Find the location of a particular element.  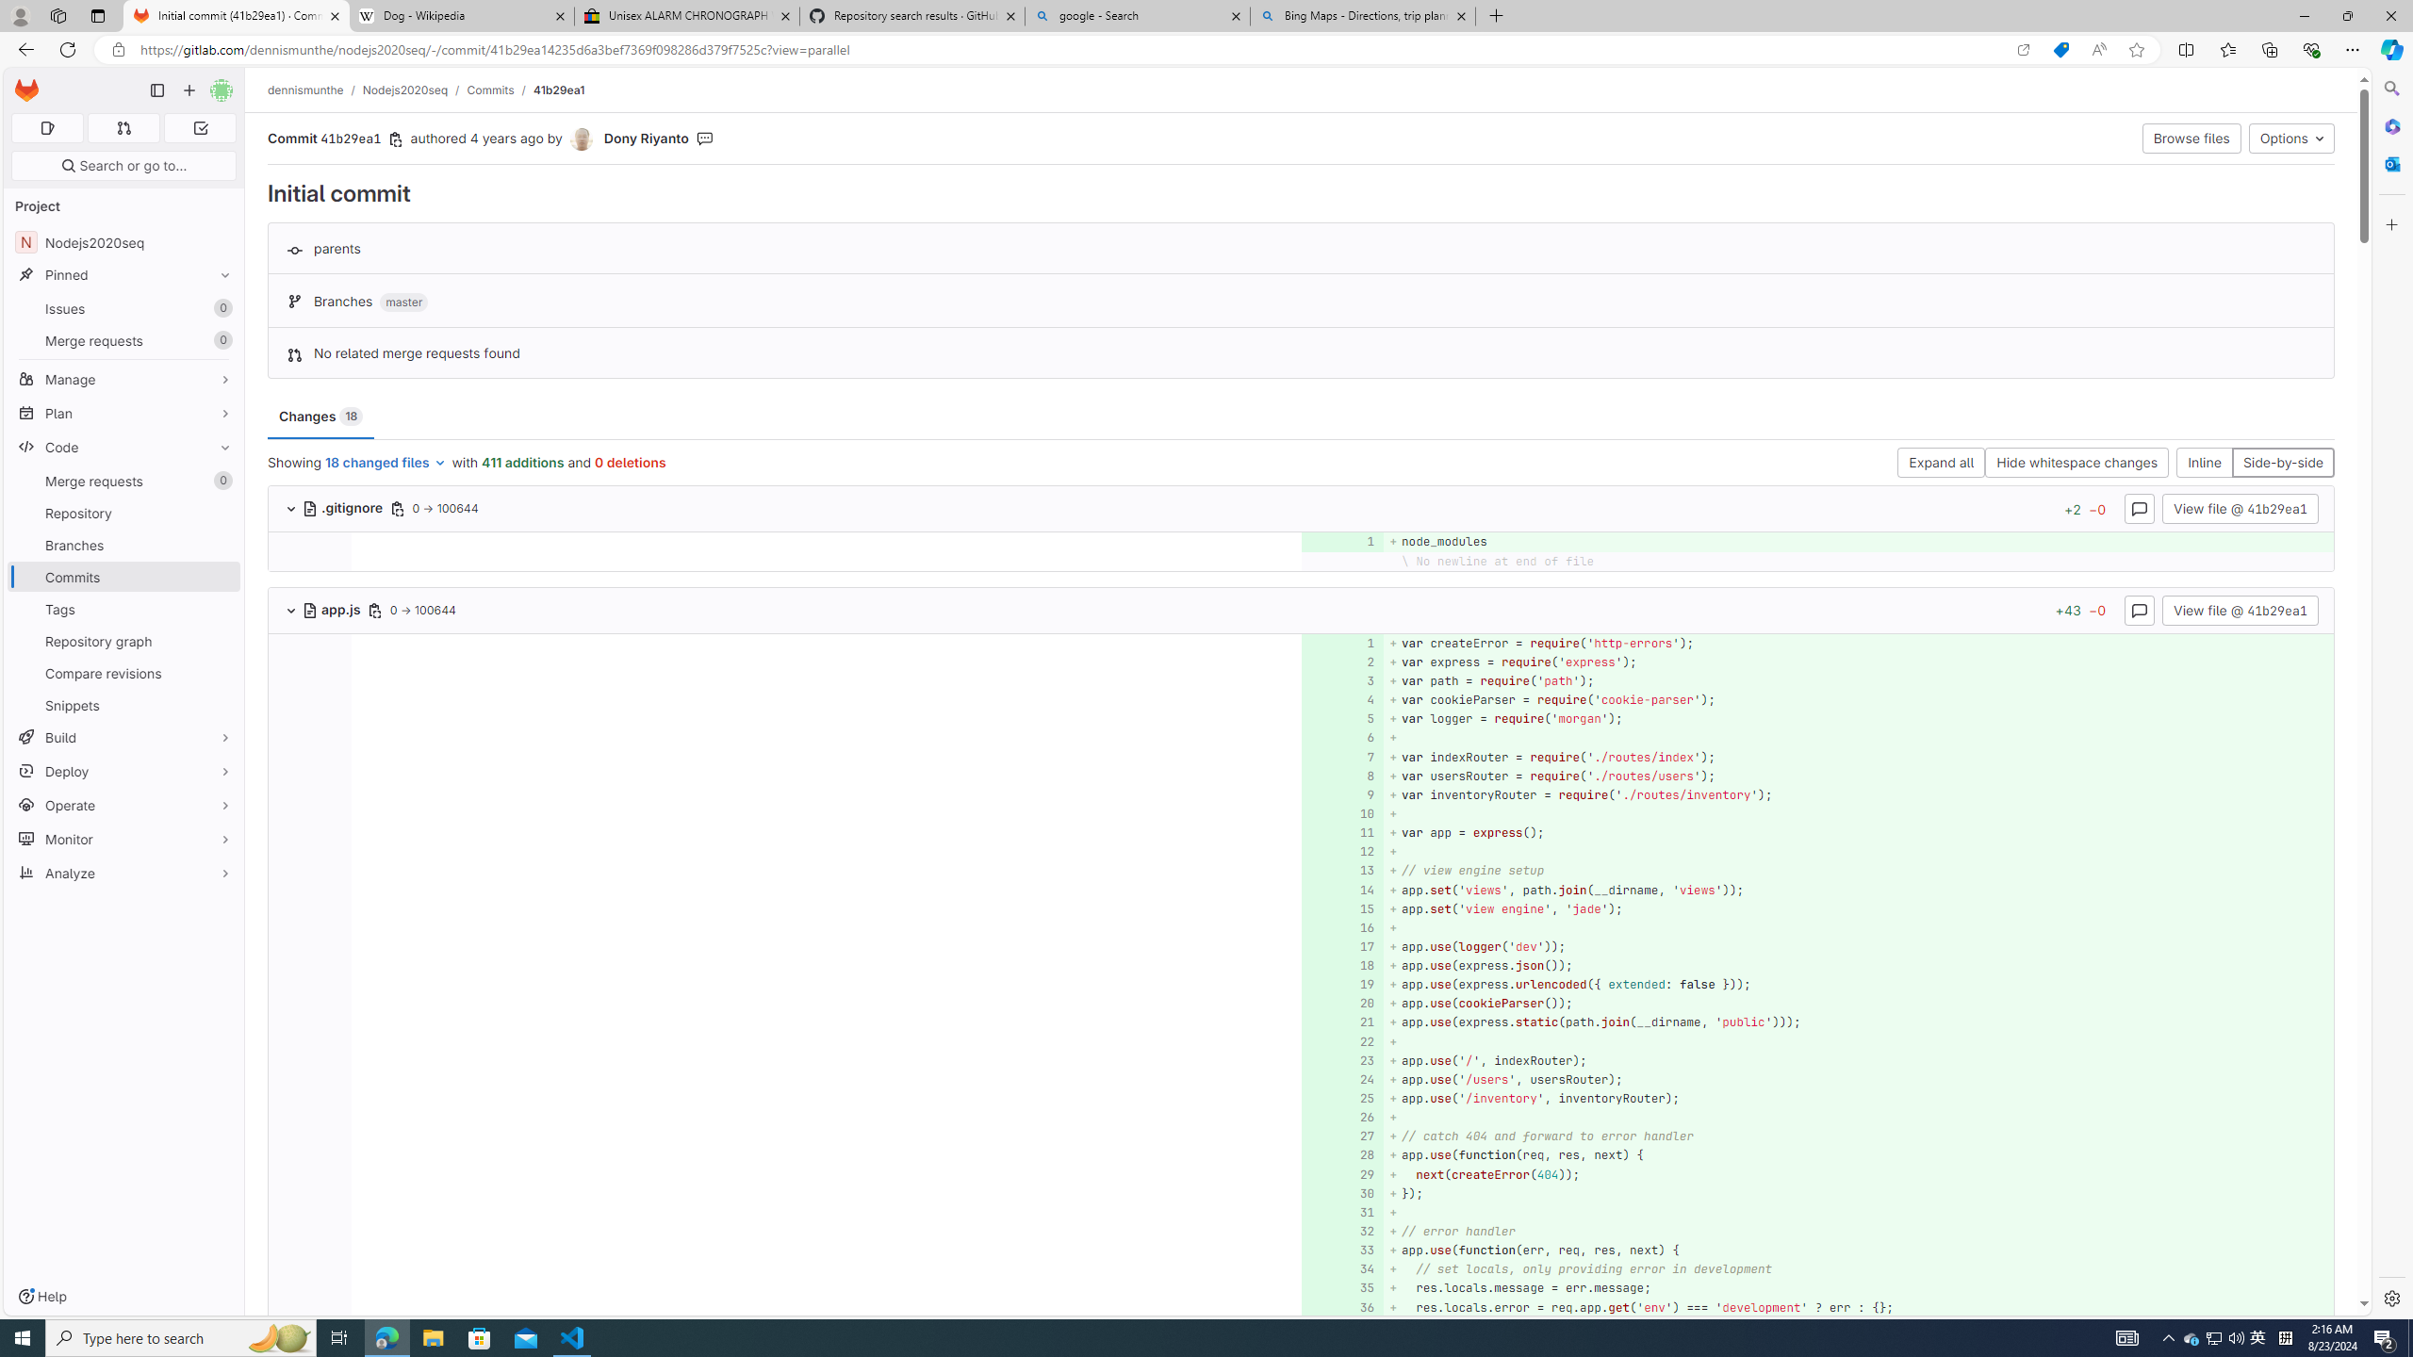

'Add a comment to this line 33' is located at coordinates (1341, 1250).